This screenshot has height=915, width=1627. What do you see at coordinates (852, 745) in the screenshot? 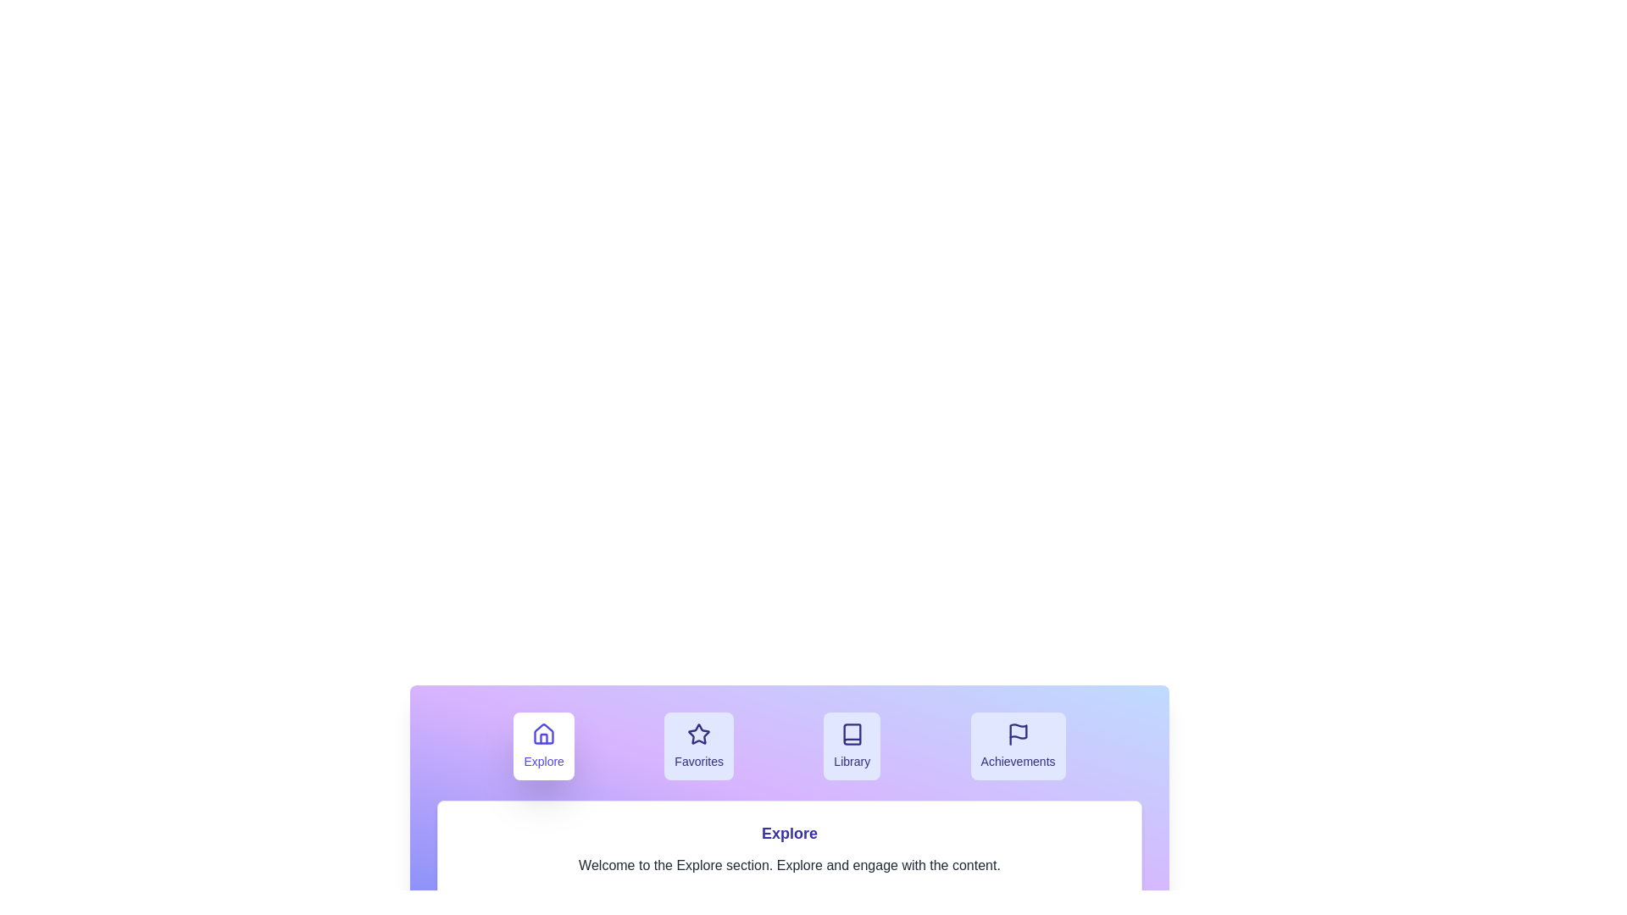
I see `the tab labeled Library` at bounding box center [852, 745].